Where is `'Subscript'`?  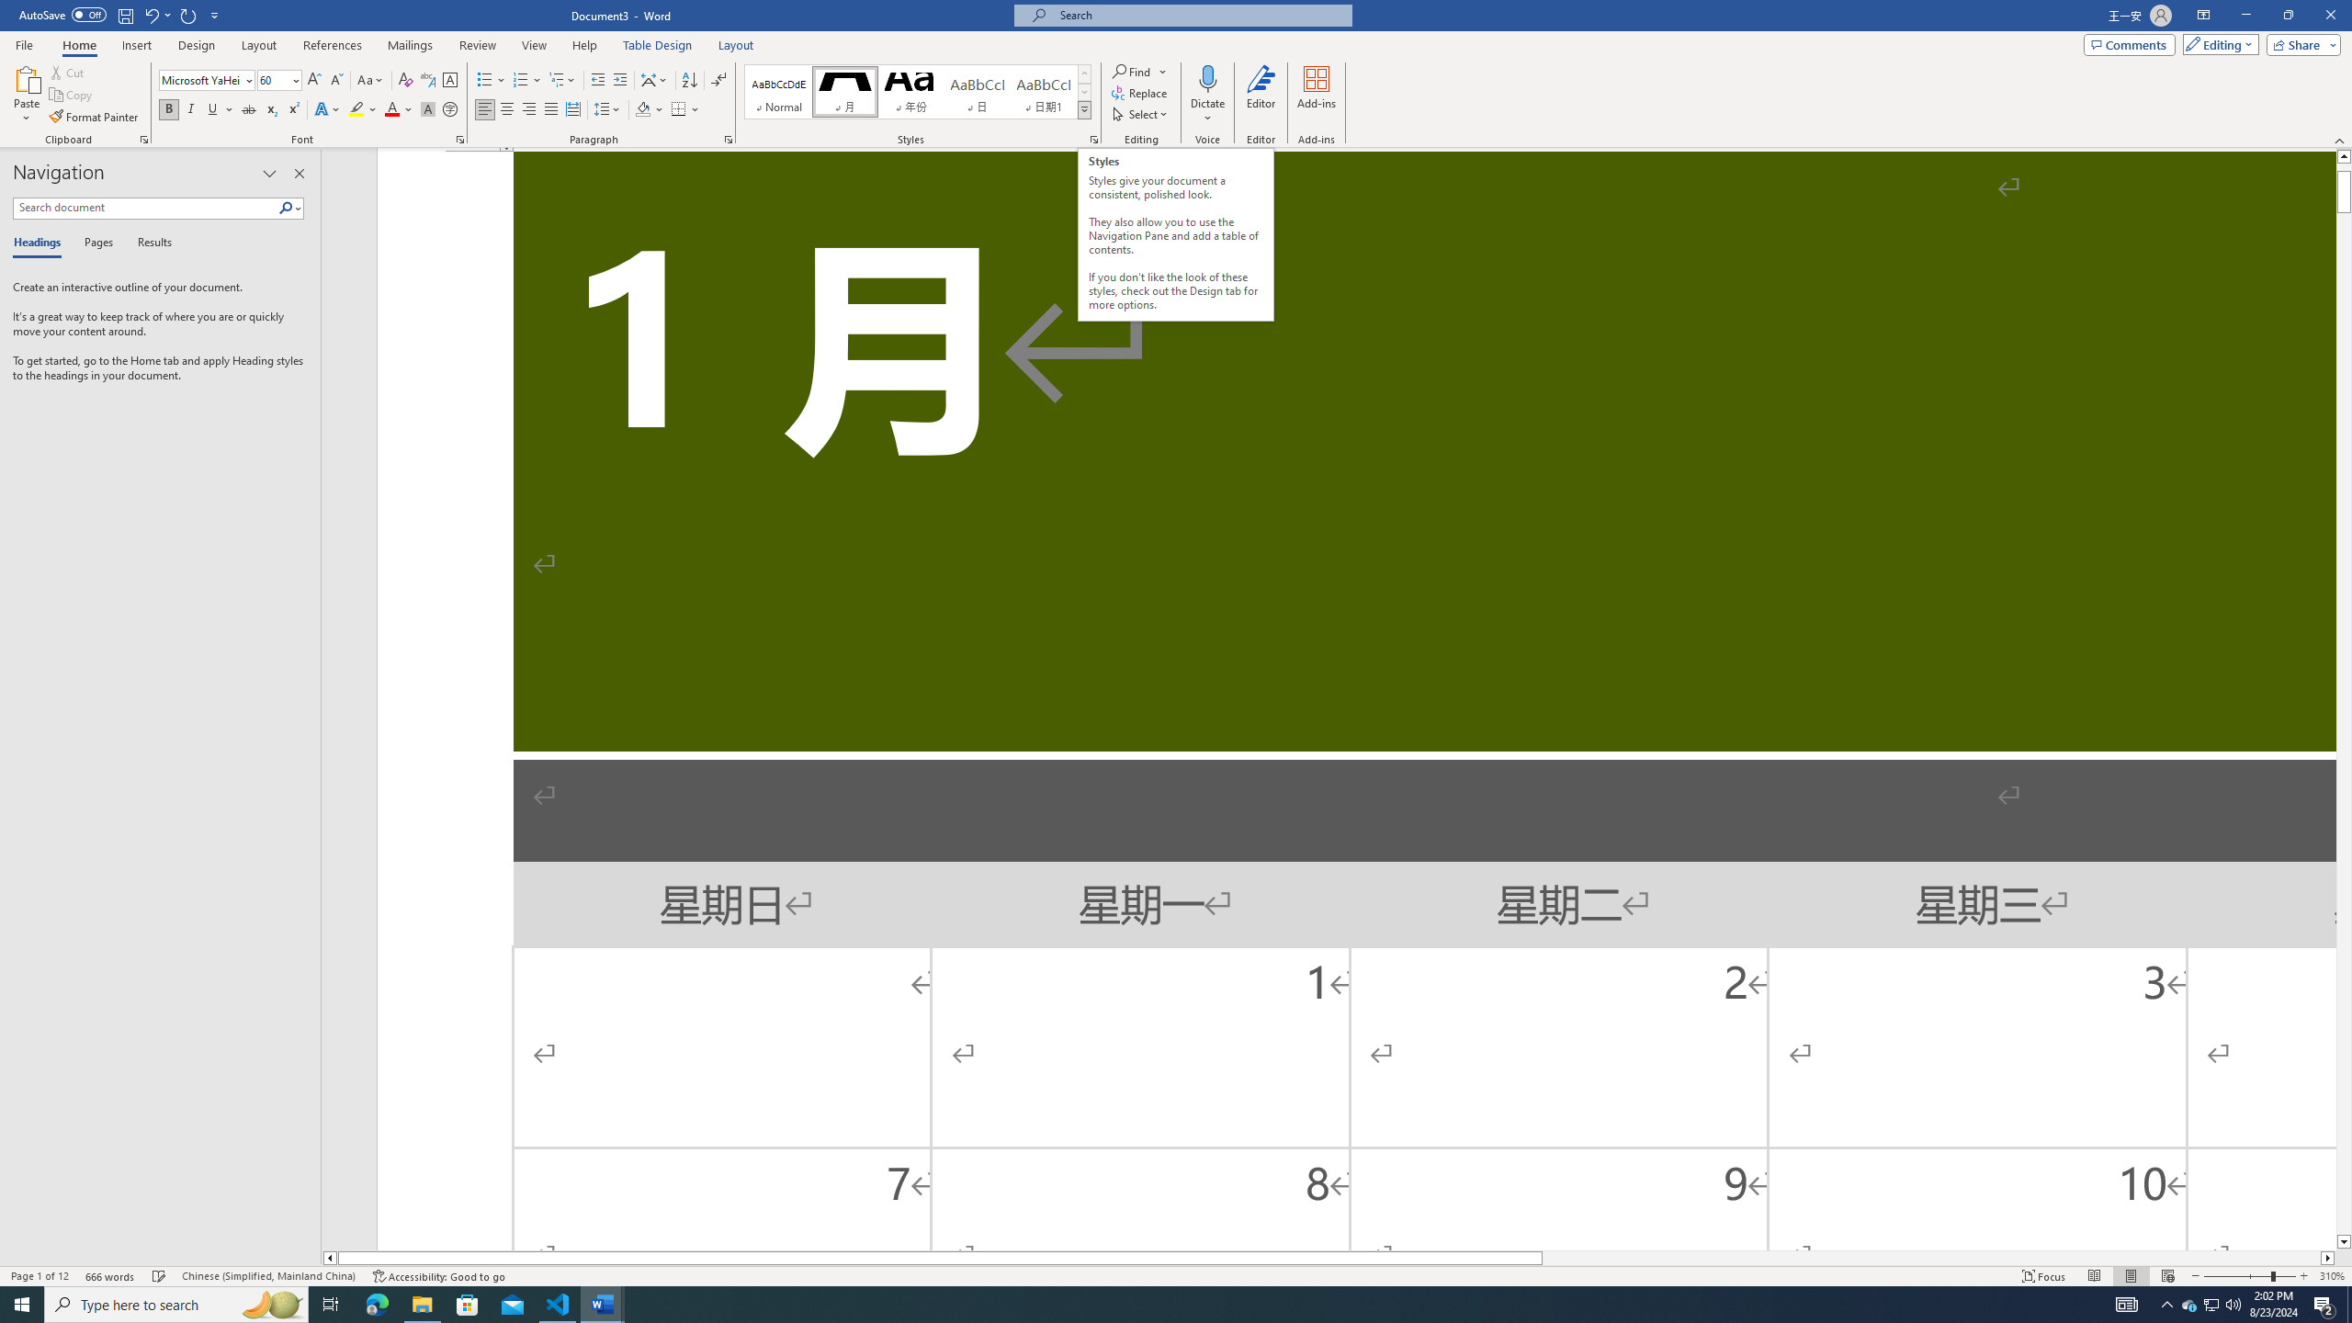 'Subscript' is located at coordinates (270, 108).